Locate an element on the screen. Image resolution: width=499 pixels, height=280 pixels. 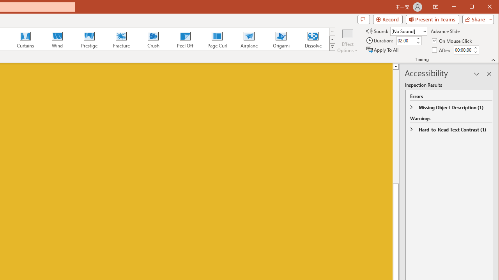
'Prestige' is located at coordinates (89, 39).